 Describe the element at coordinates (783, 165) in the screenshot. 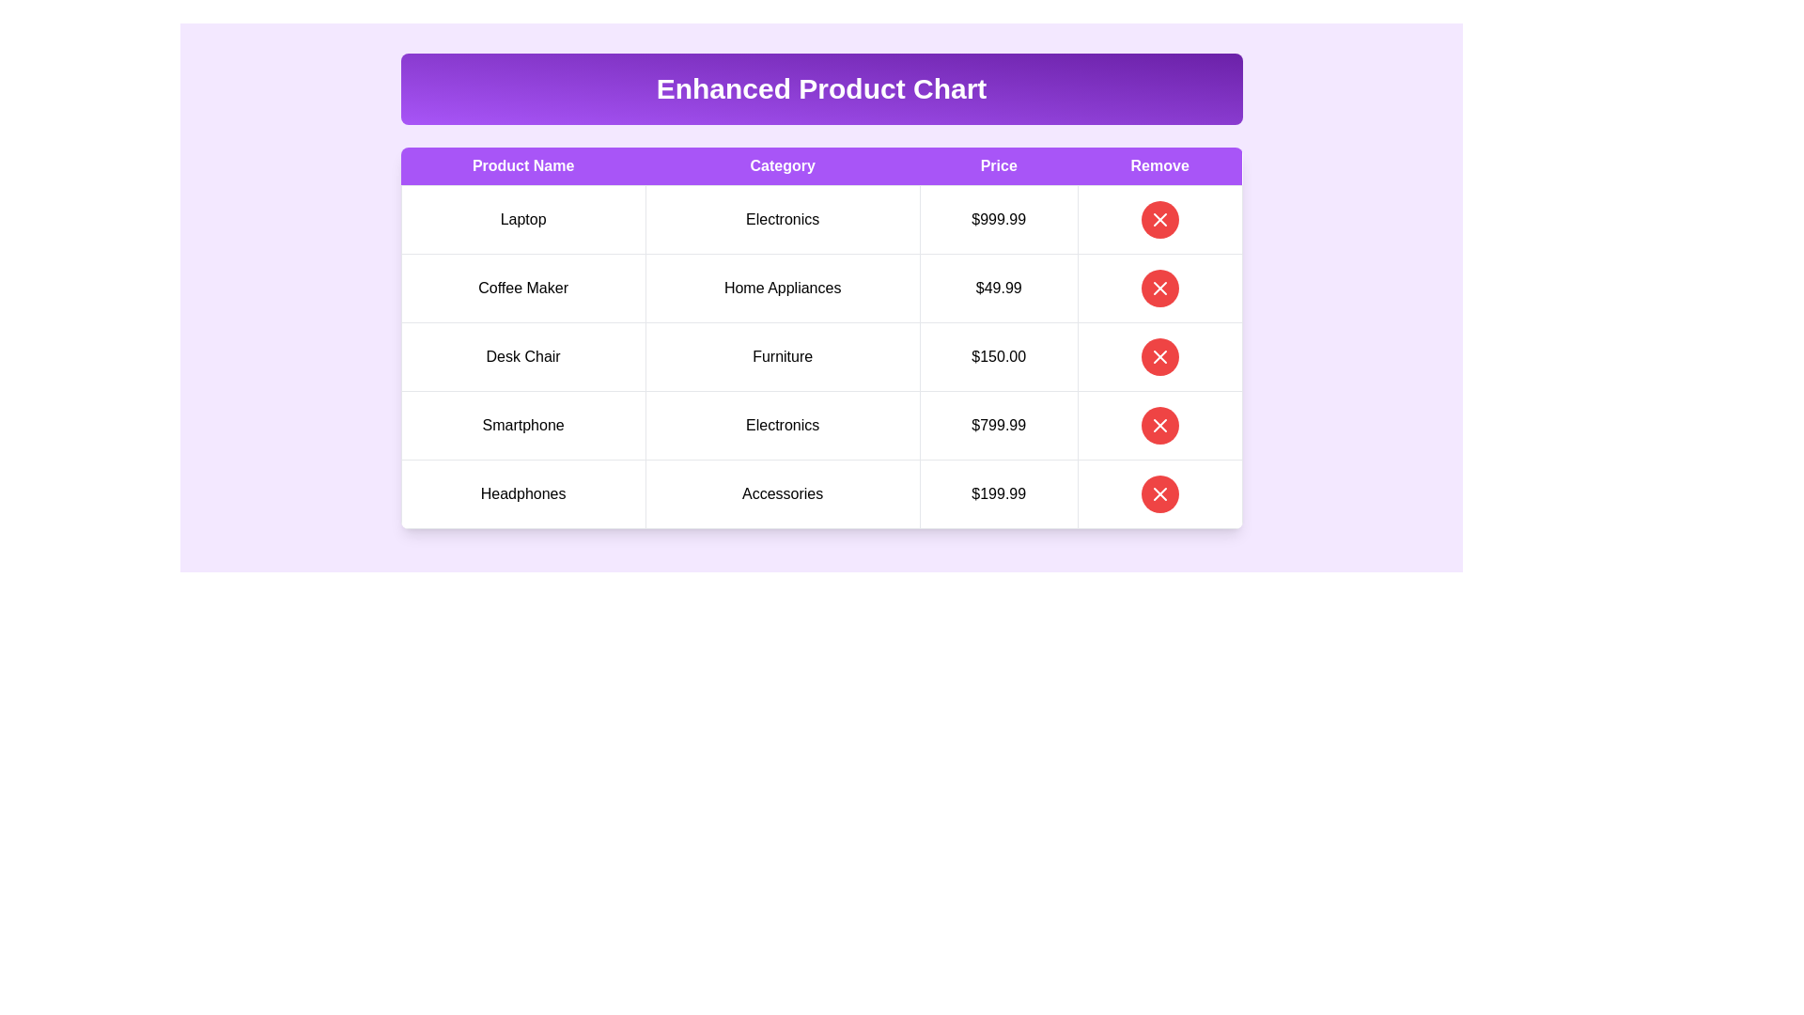

I see `the header text element labeled 'Category', which is a button-like component with a purple background and white text, located in the second position of the header row of a table` at that location.